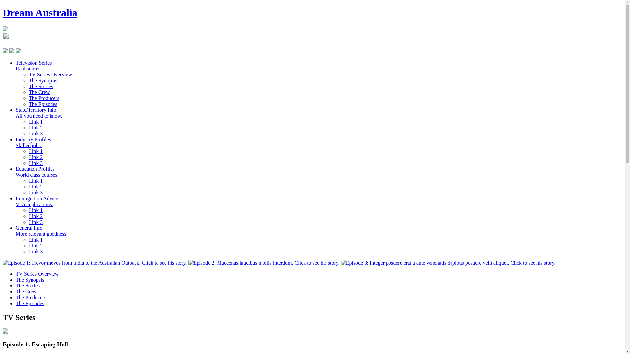 The height and width of the screenshot is (354, 630). Describe the element at coordinates (35, 246) in the screenshot. I see `'Link 2'` at that location.